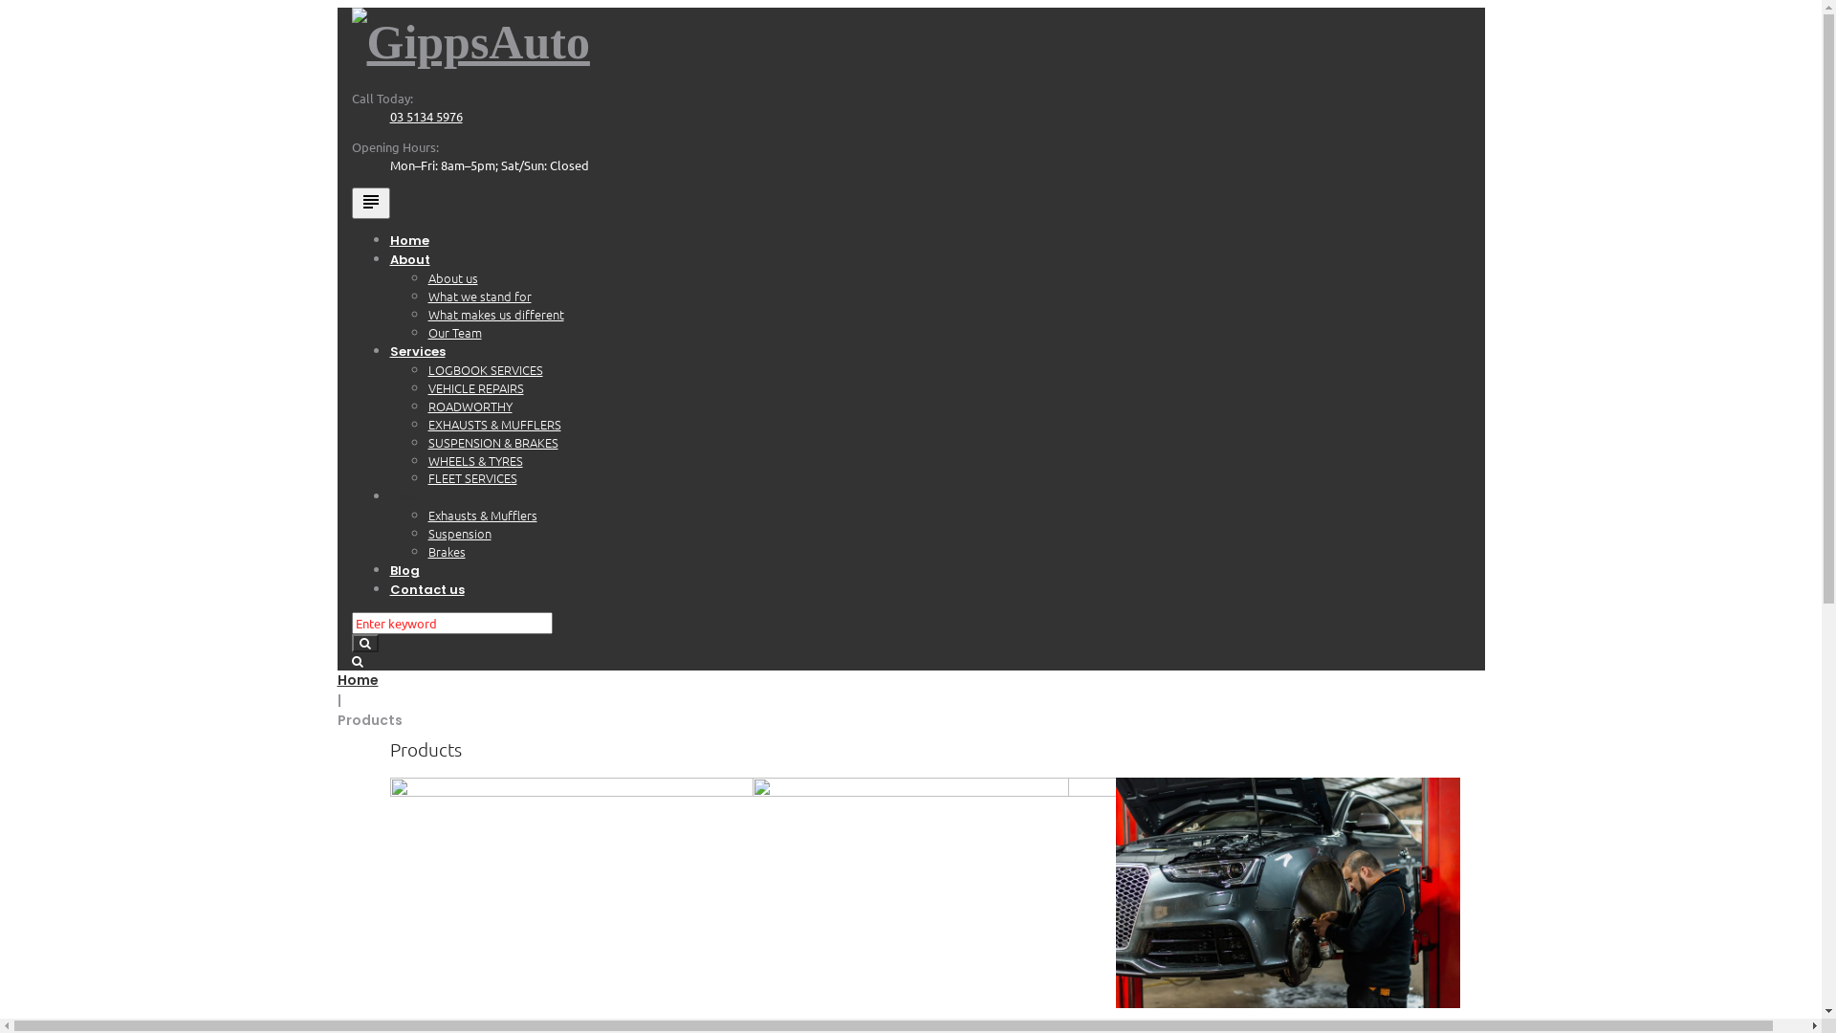 Image resolution: width=1836 pixels, height=1033 pixels. I want to click on 'WHEELS & TYRES', so click(475, 460).